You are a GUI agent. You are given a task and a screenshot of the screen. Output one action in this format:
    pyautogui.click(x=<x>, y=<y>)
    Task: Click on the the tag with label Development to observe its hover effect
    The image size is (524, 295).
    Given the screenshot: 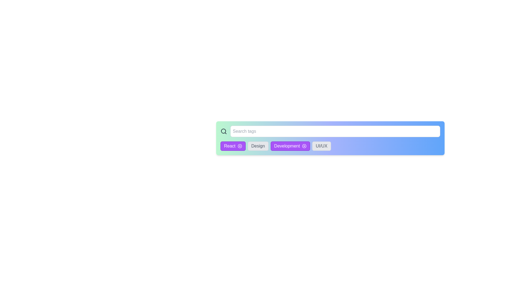 What is the action you would take?
    pyautogui.click(x=290, y=146)
    